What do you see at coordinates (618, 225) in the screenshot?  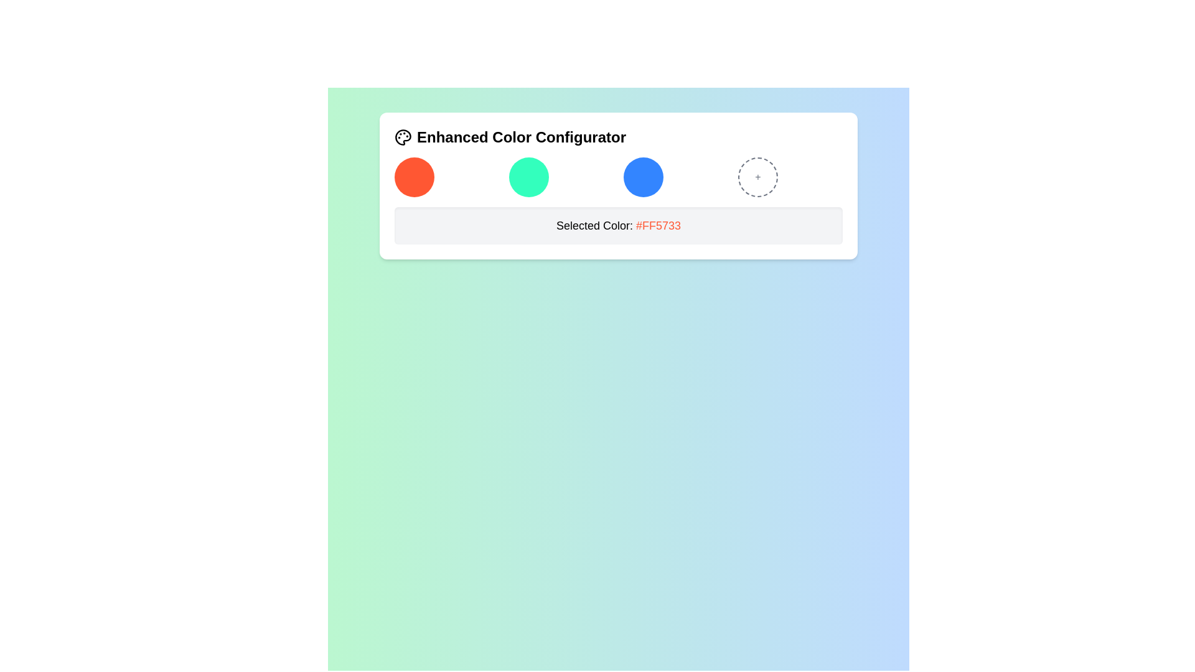 I see `the Text Display Box displaying 'Selected Color: #FF5733' with a light gray background, located beneath the color palette in the 'Enhanced Color Configurator' interface` at bounding box center [618, 225].